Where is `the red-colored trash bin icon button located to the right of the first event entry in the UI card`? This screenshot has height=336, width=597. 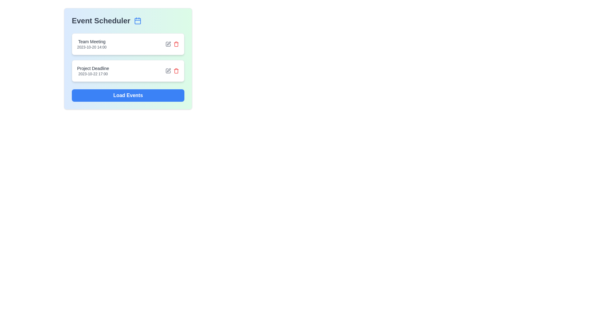 the red-colored trash bin icon button located to the right of the first event entry in the UI card is located at coordinates (176, 44).